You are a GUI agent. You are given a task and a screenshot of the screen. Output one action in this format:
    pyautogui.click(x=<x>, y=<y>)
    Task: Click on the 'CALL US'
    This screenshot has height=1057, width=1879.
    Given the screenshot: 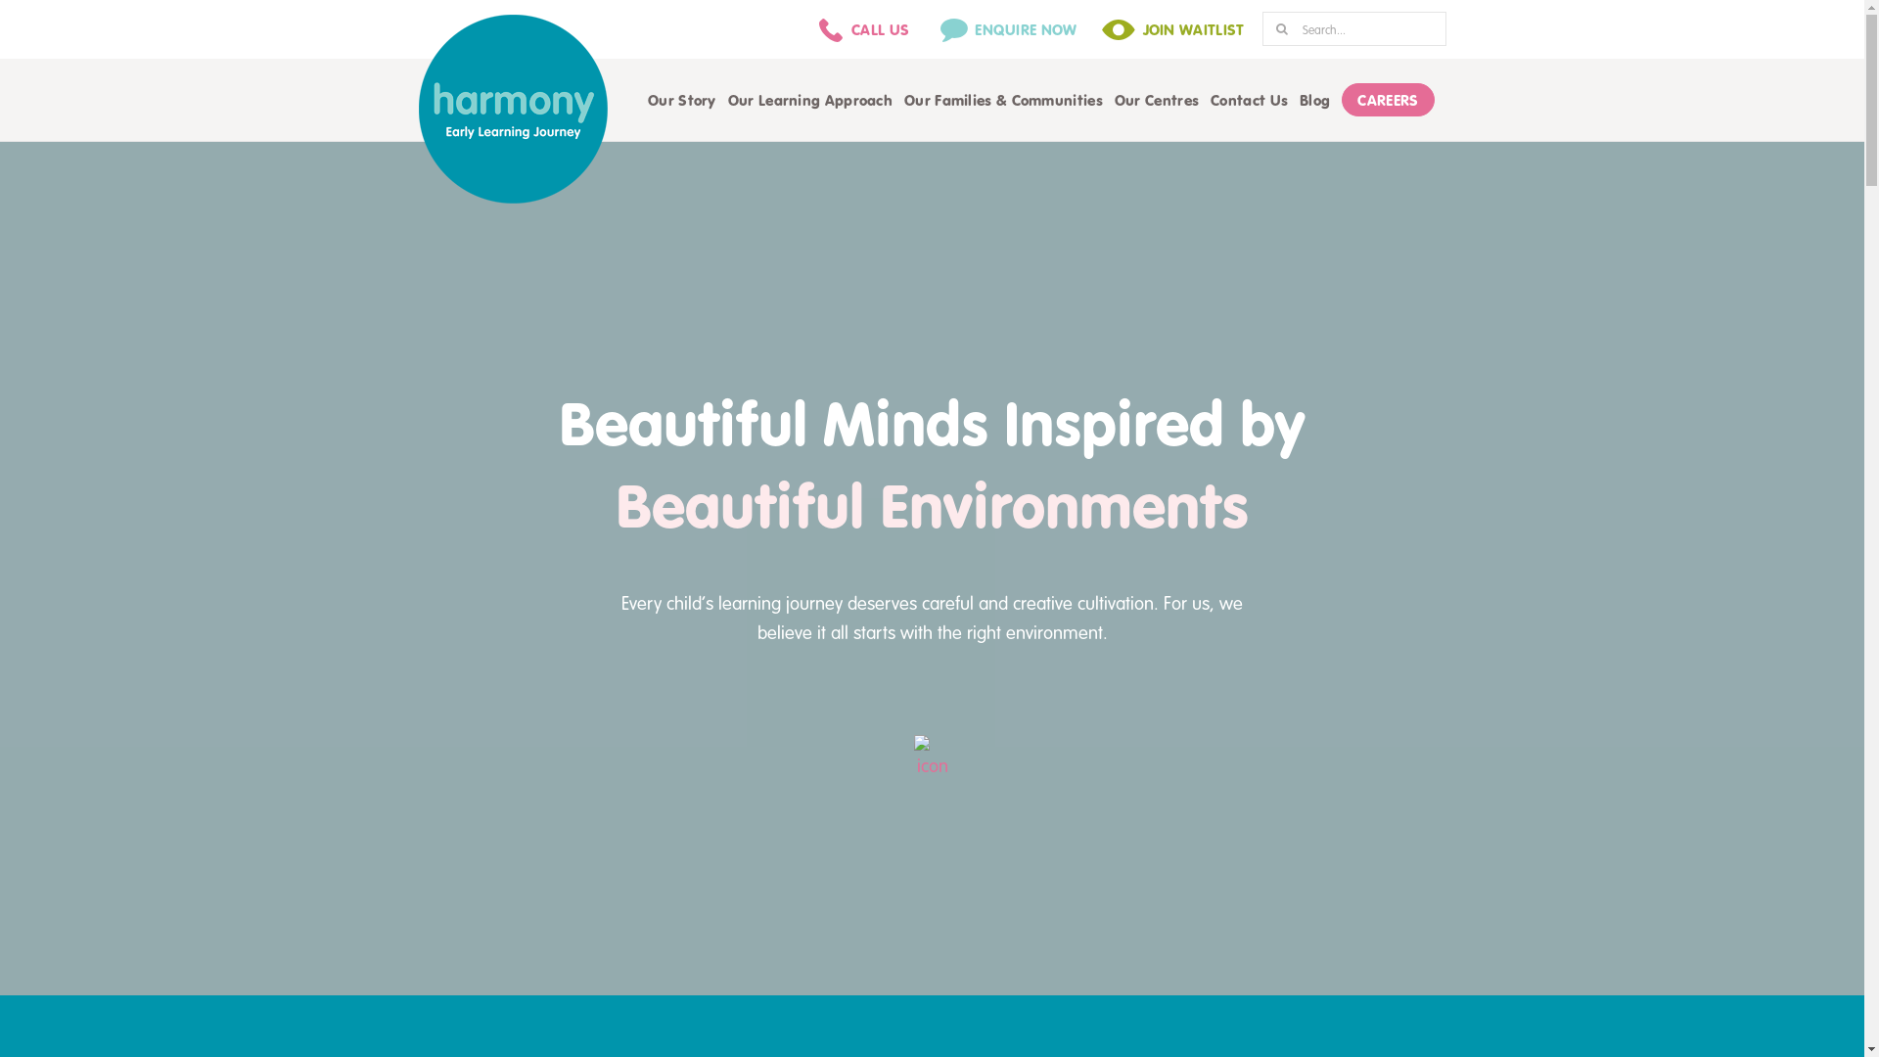 What is the action you would take?
    pyautogui.click(x=859, y=29)
    